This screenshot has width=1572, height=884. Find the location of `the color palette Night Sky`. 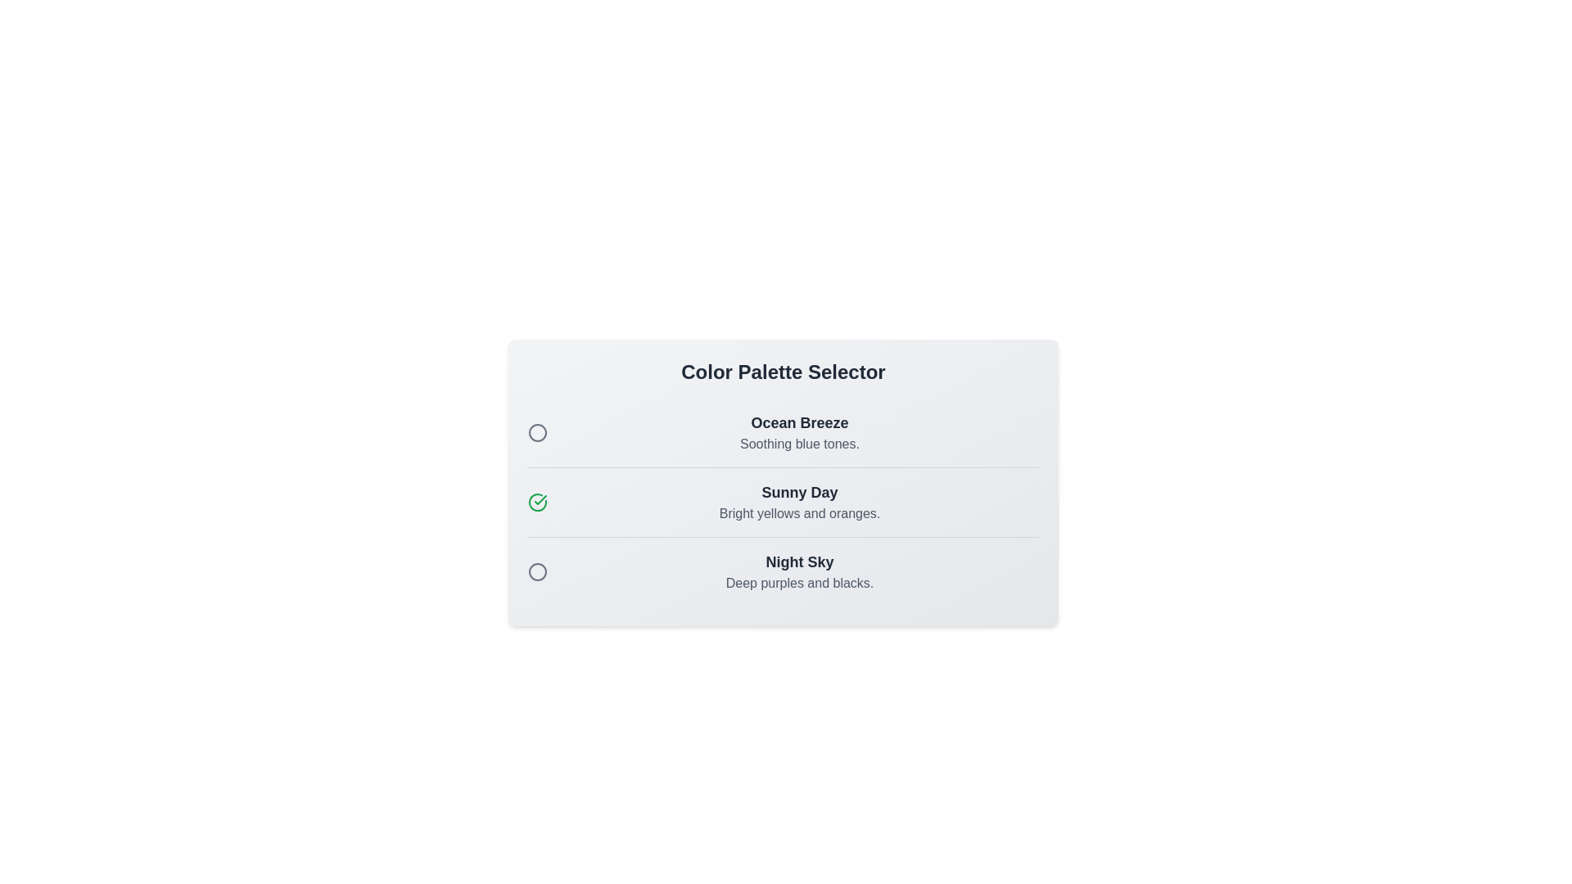

the color palette Night Sky is located at coordinates (538, 571).